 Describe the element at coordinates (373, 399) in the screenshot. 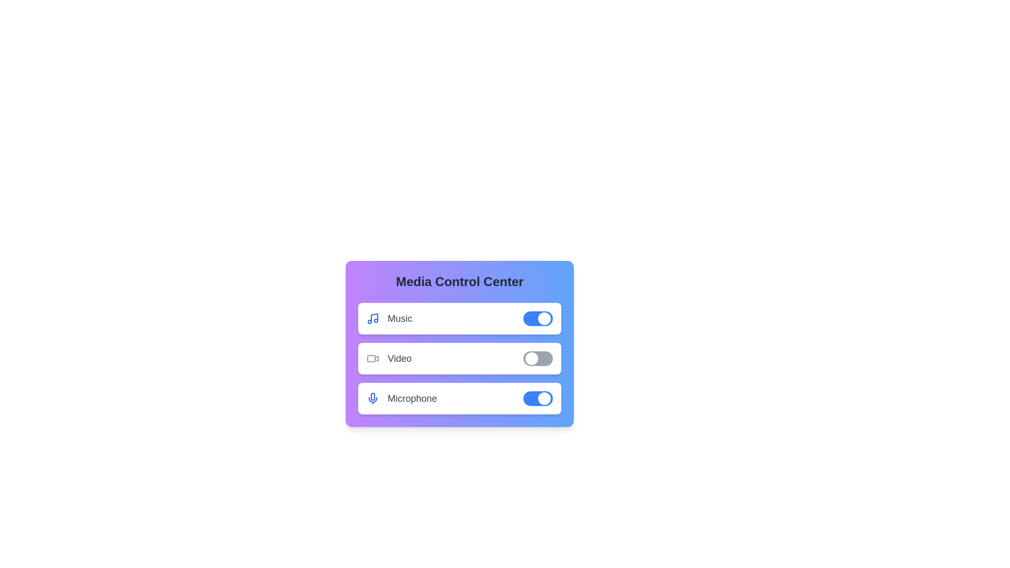

I see `the icon representing the Microphone control` at that location.